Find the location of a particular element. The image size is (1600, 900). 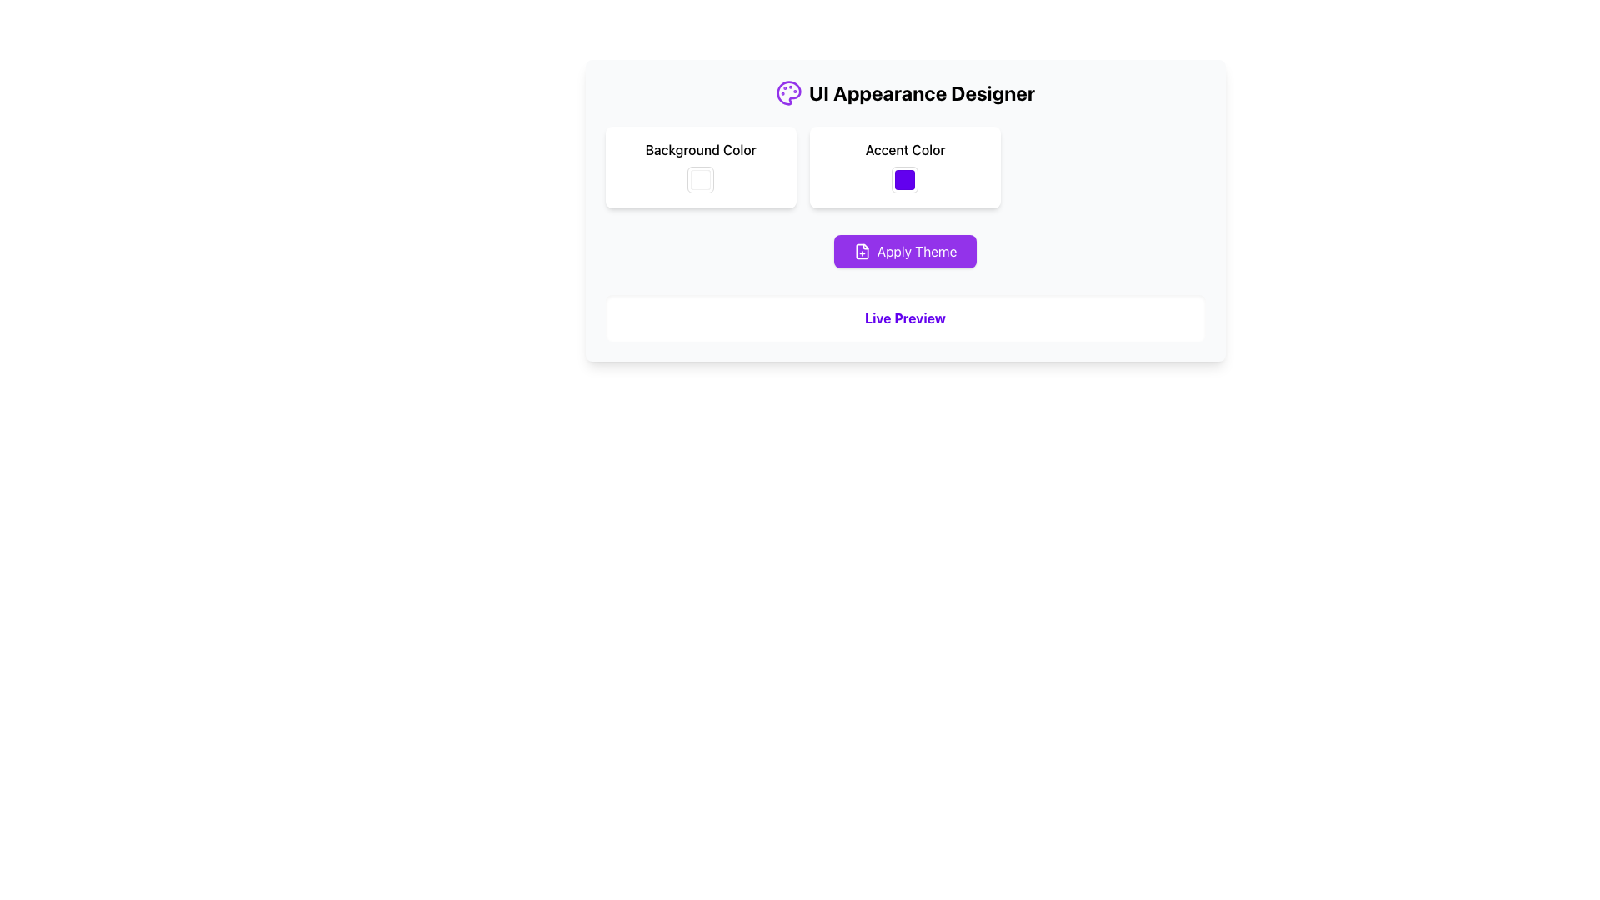

text content of the label indicating background color selection, located in the upper left corner of the white rectangular panel above the checkbox widget is located at coordinates (701, 150).